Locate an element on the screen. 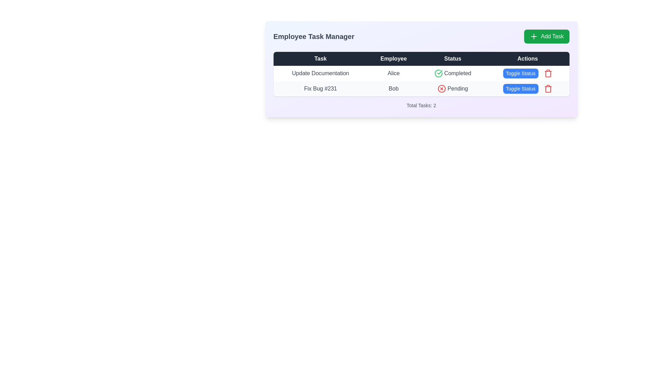 This screenshot has height=376, width=670. the 'Toggle Status' button, which is a rectangular button with a blue background and white text located in the second row of the 'Actions' column of the task list is located at coordinates (528, 88).